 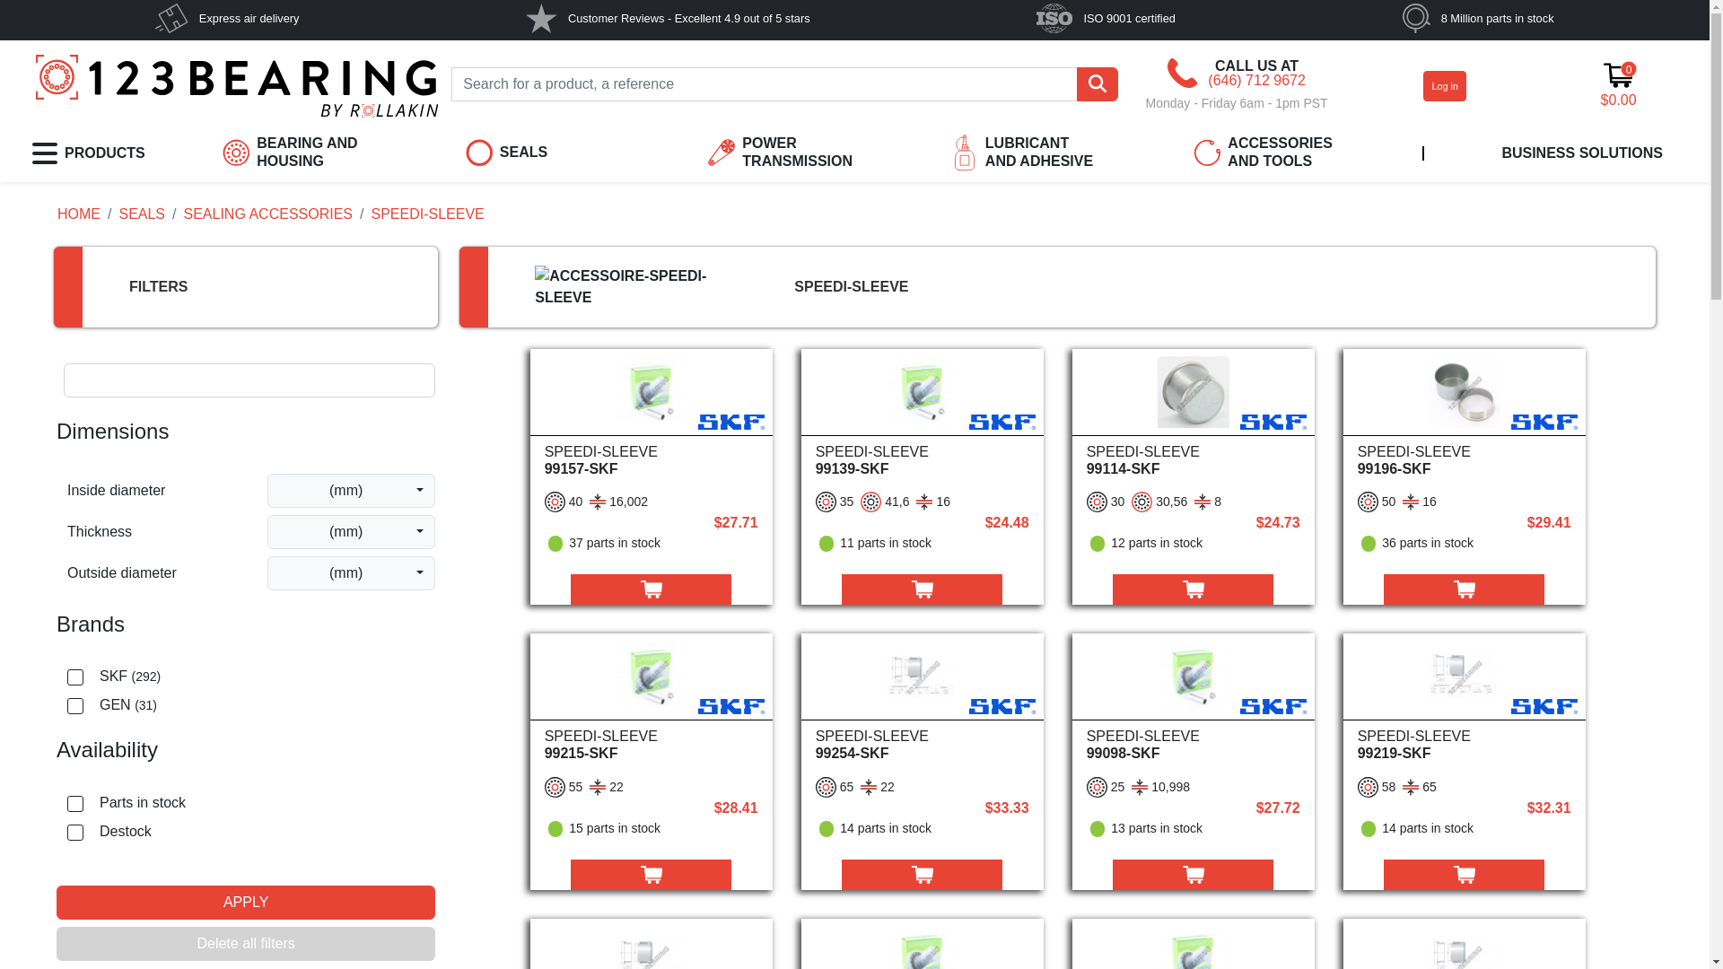 What do you see at coordinates (1268, 152) in the screenshot?
I see `'ACCESSORIES AND TOOLS'` at bounding box center [1268, 152].